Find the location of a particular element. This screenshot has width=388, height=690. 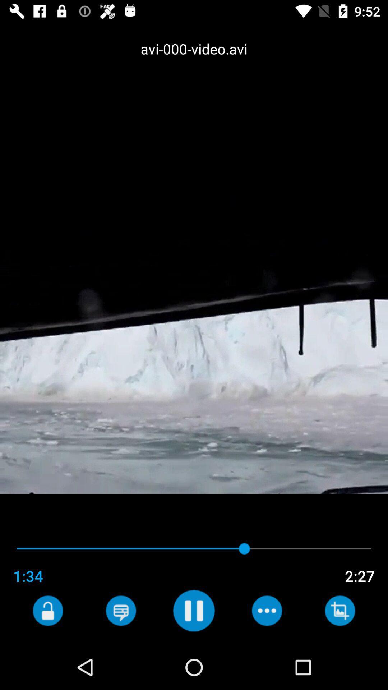

the lock icon is located at coordinates (48, 610).